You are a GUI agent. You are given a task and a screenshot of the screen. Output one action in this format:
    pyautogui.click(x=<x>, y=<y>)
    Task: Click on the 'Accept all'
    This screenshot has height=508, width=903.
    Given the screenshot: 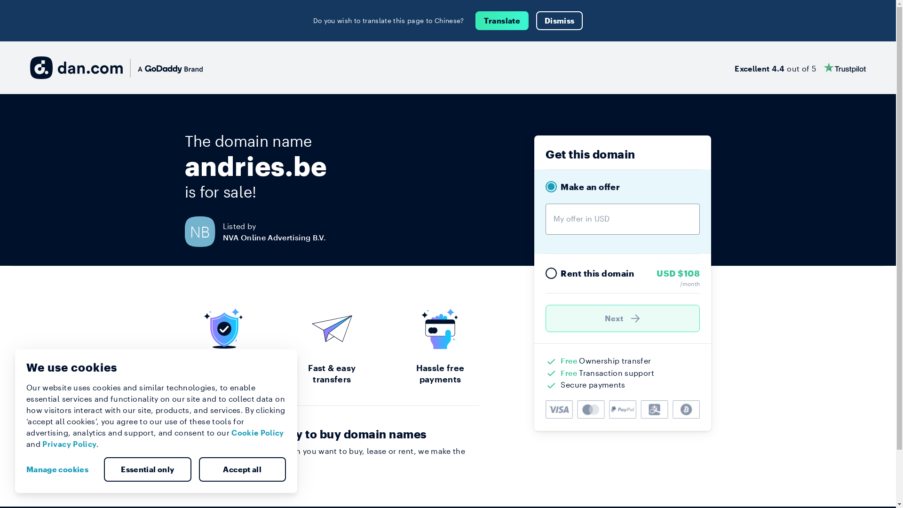 What is the action you would take?
    pyautogui.click(x=242, y=469)
    